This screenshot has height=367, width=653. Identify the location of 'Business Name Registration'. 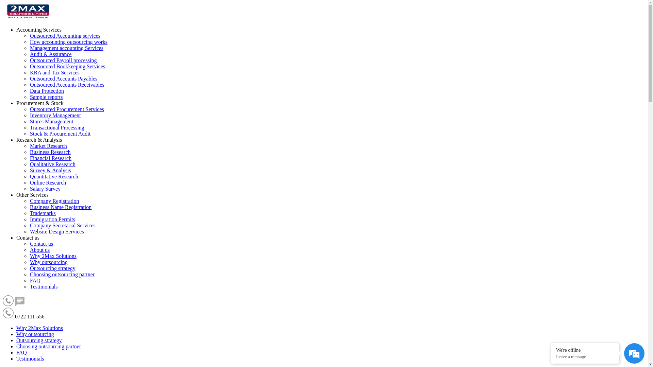
(61, 207).